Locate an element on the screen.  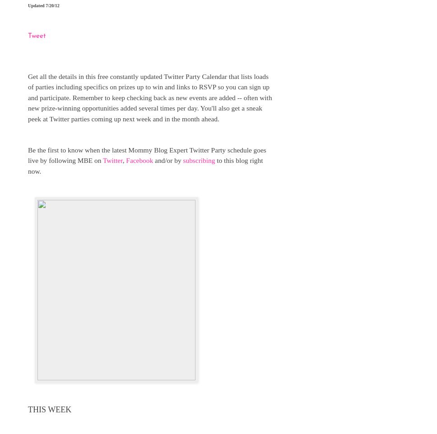
'Facebook' is located at coordinates (139, 160).